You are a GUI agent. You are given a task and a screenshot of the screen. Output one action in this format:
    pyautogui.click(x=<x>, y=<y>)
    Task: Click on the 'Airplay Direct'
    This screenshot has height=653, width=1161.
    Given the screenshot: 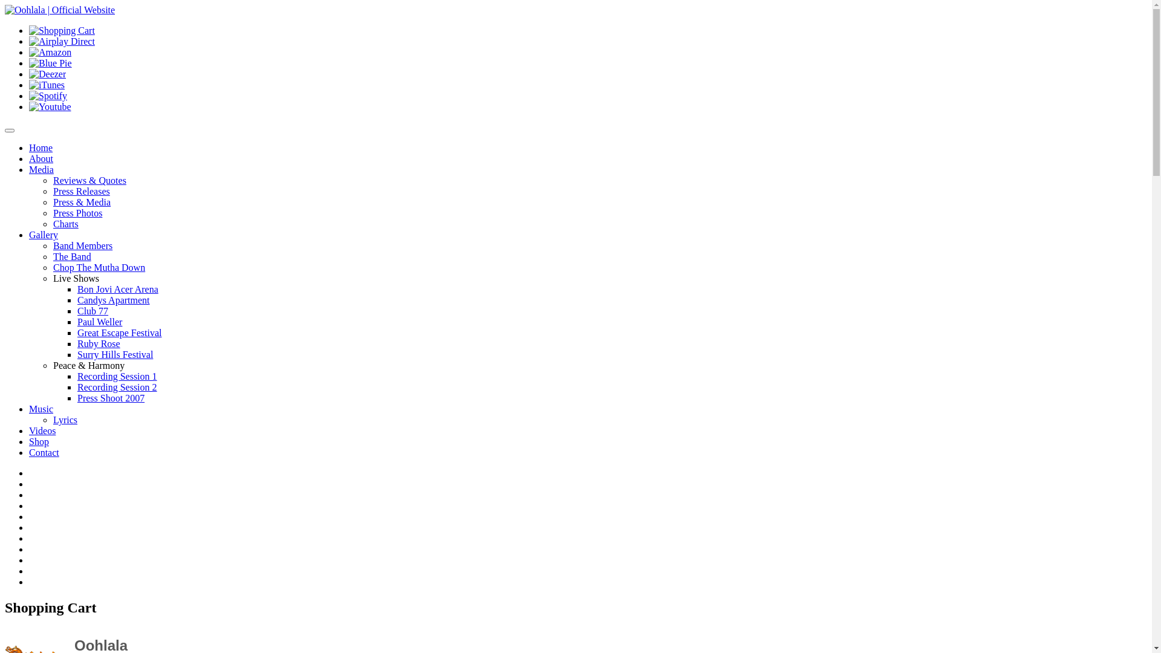 What is the action you would take?
    pyautogui.click(x=61, y=41)
    